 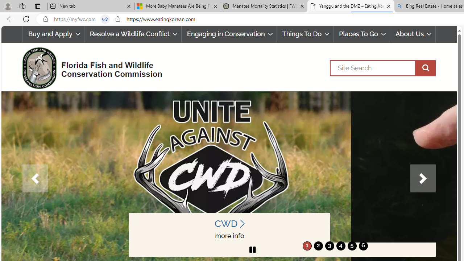 I want to click on 'move to slide 6', so click(x=363, y=245).